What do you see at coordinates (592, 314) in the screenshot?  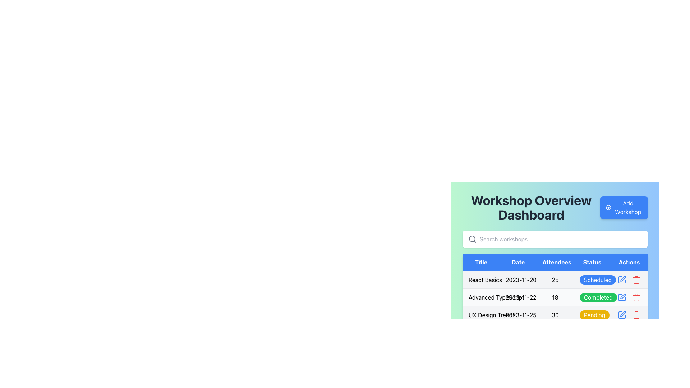 I see `the yellow label with bold white text 'Pending' located in the 'Status' column of the third row of the table, aligned with the 'UX Design Trends' workshop entry` at bounding box center [592, 314].